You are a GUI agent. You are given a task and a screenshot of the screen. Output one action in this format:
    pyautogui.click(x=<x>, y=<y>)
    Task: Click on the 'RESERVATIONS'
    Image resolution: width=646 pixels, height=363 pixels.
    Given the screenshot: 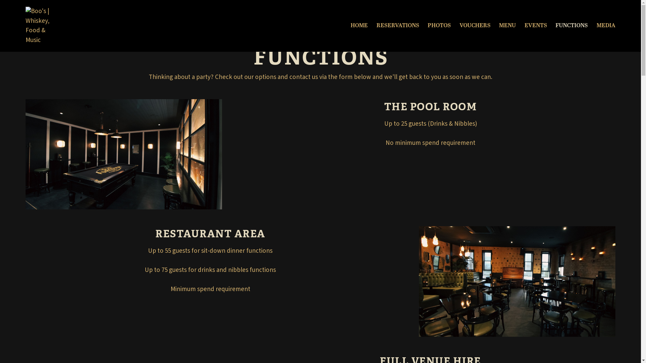 What is the action you would take?
    pyautogui.click(x=398, y=26)
    